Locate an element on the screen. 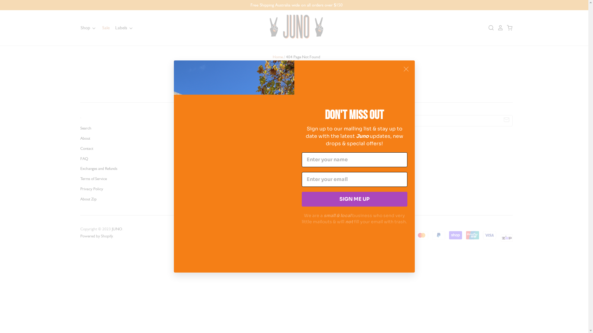 The width and height of the screenshot is (593, 333). 'Exchanges and Refunds' is located at coordinates (99, 168).